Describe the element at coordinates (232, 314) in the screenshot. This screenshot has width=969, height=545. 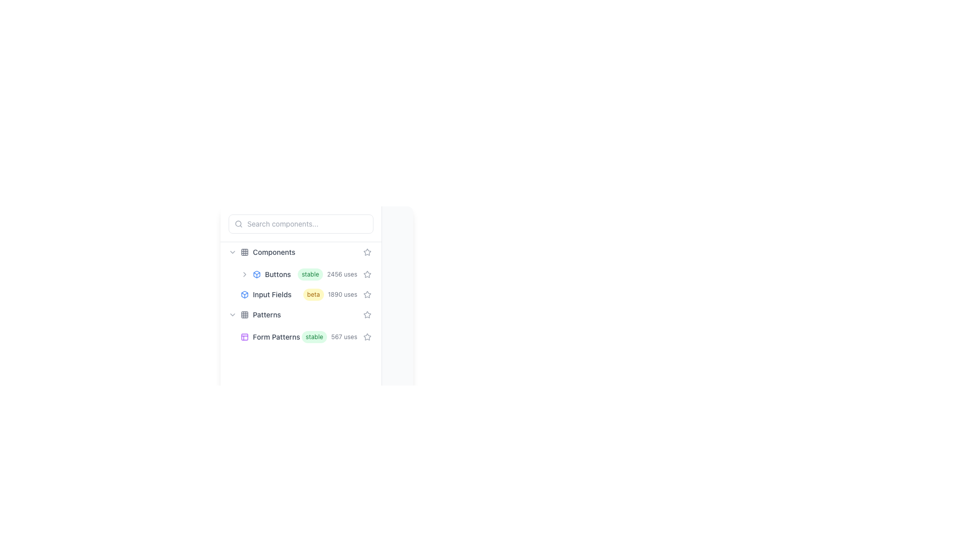
I see `the downward-pointing chevron icon located to the left of the 'Patterns' label` at that location.